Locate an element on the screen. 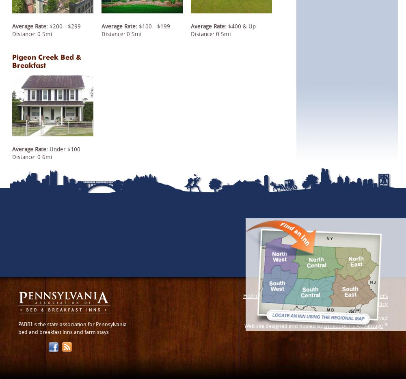  'Allied Partners' is located at coordinates (368, 295).